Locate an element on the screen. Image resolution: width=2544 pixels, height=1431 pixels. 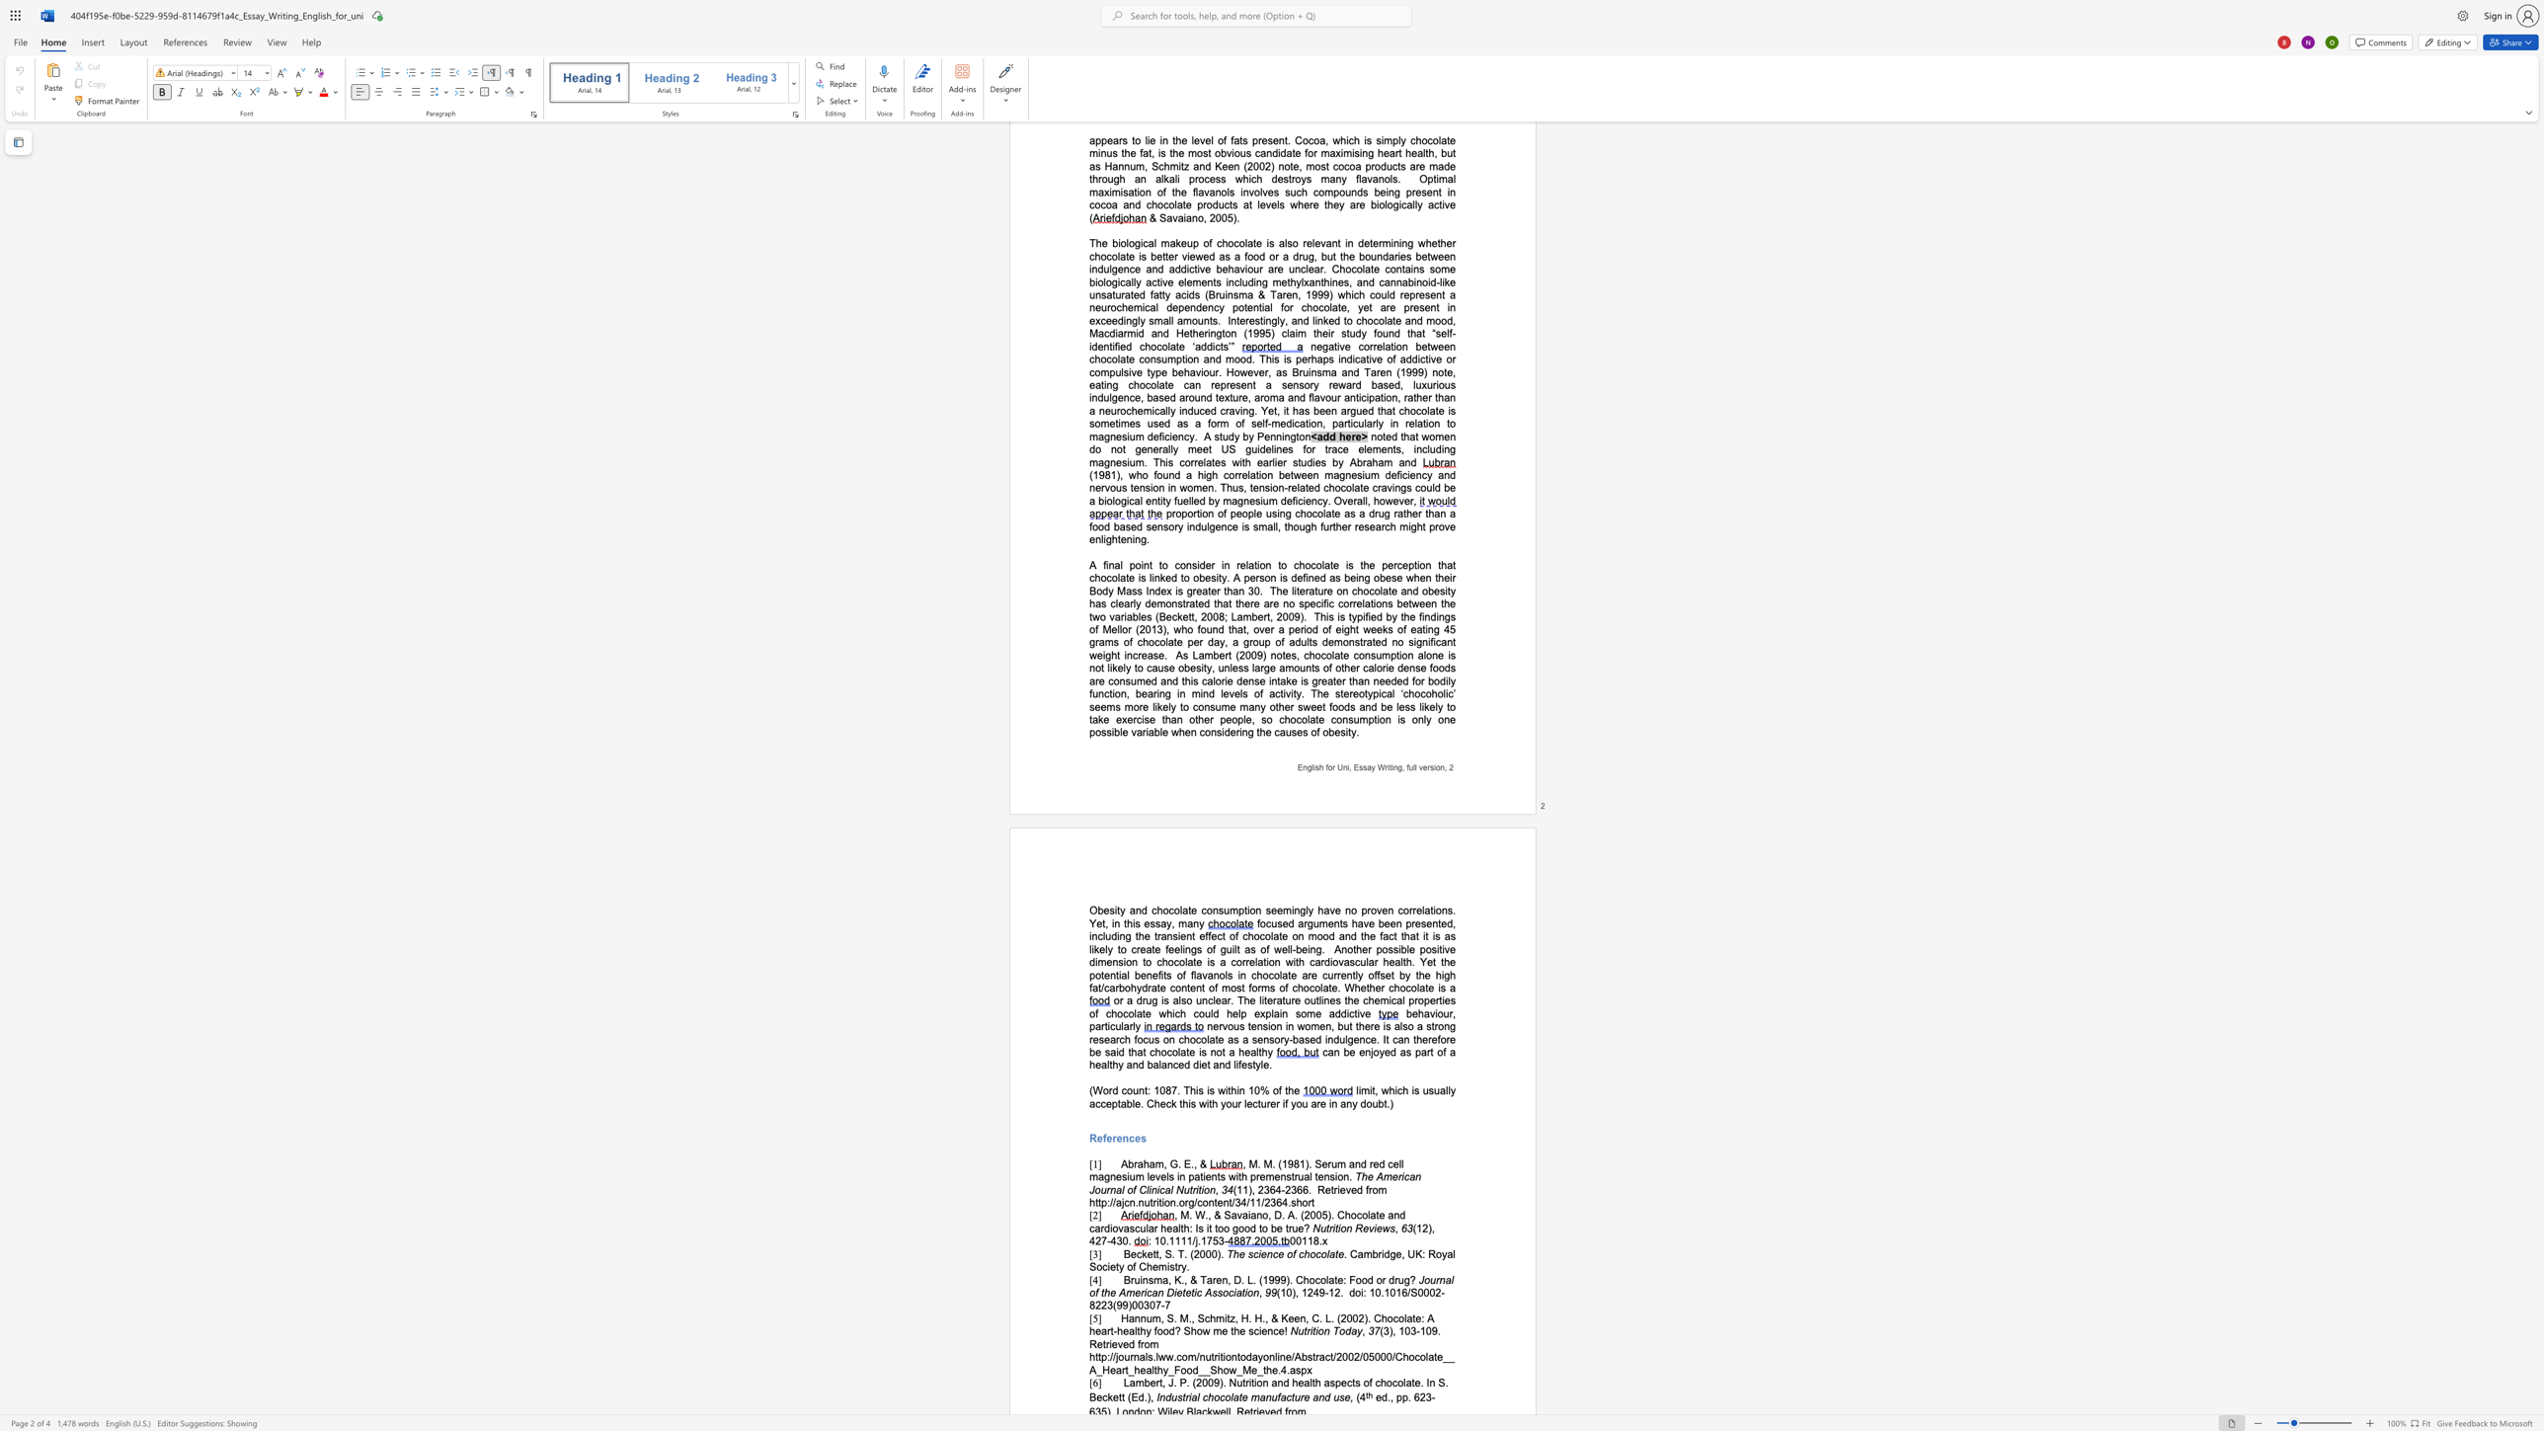
the subset text "ion" within the text "Journal of the American Dietetic Association" is located at coordinates (1244, 1293).